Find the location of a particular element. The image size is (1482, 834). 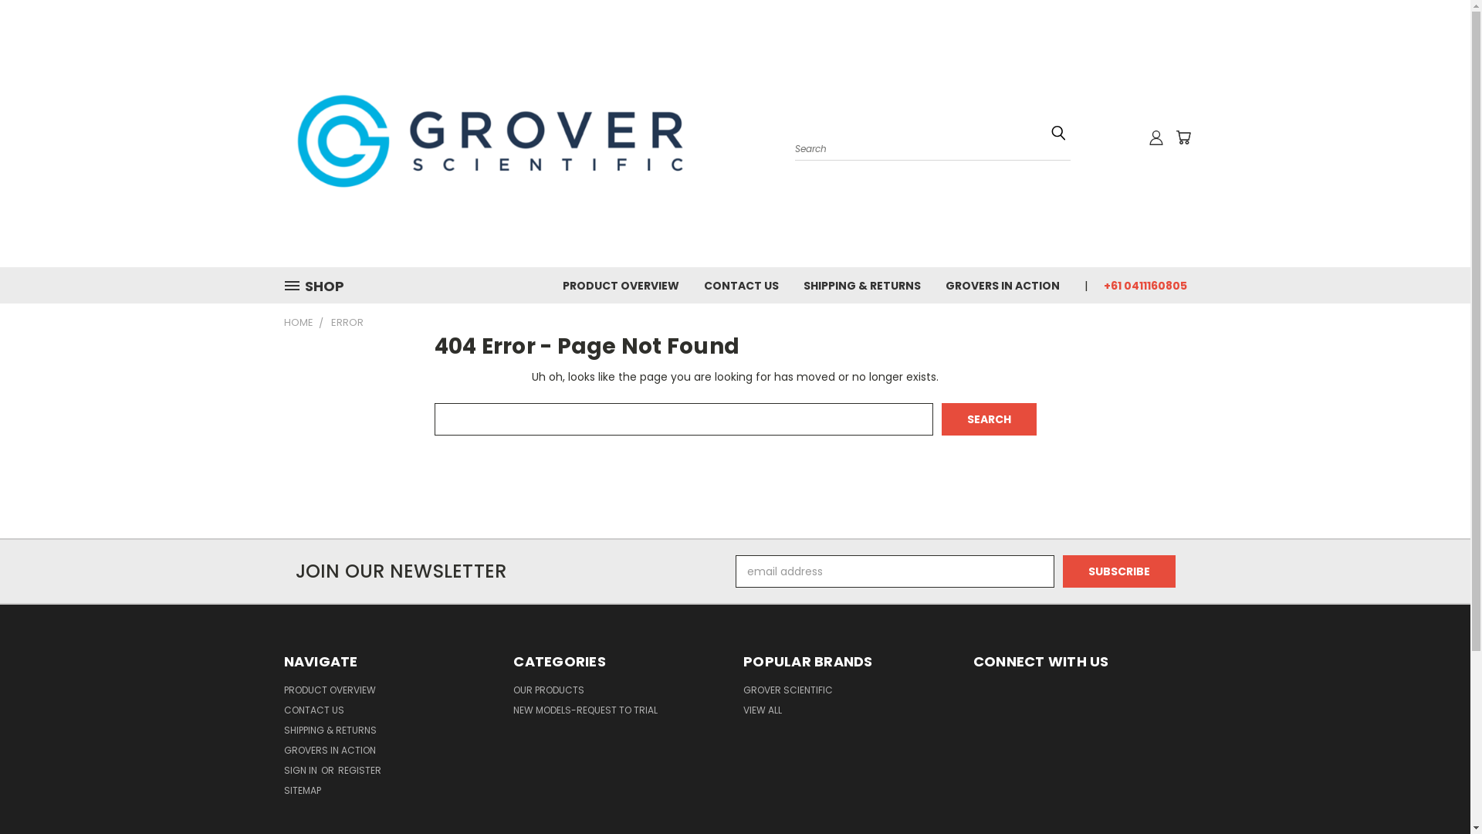

'SHOP' is located at coordinates (319, 286).